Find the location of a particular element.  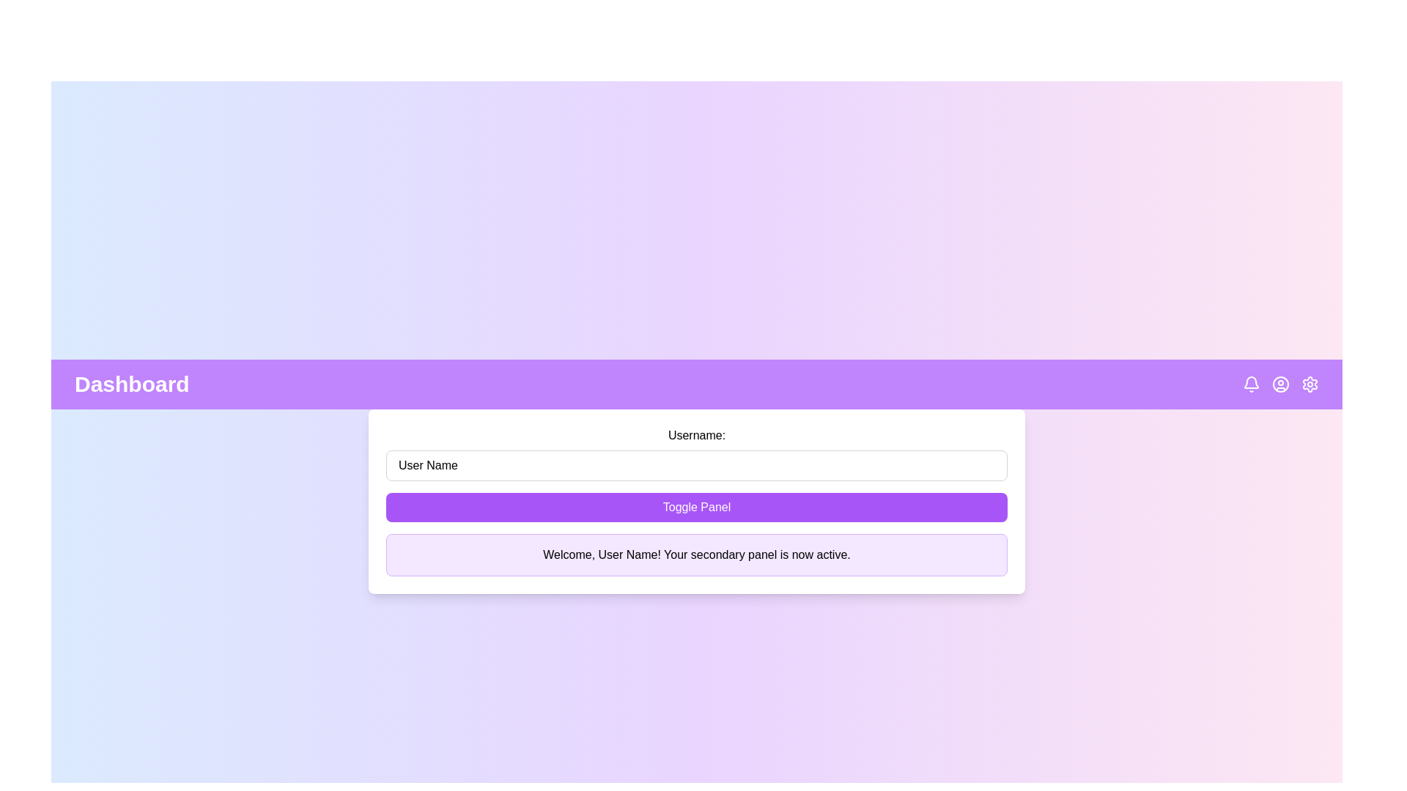

the user profile icon button located in the purple header bar labeled 'Dashboard' at the top-right corner of the interface is located at coordinates (1279, 383).